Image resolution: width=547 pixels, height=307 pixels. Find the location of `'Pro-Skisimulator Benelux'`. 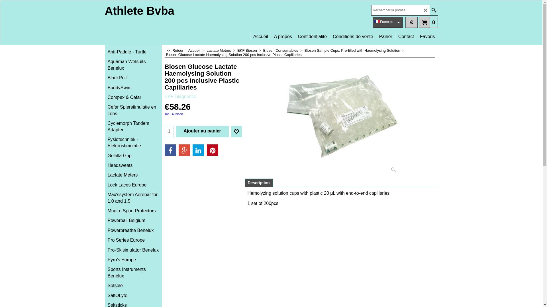

'Pro-Skisimulator Benelux' is located at coordinates (133, 250).